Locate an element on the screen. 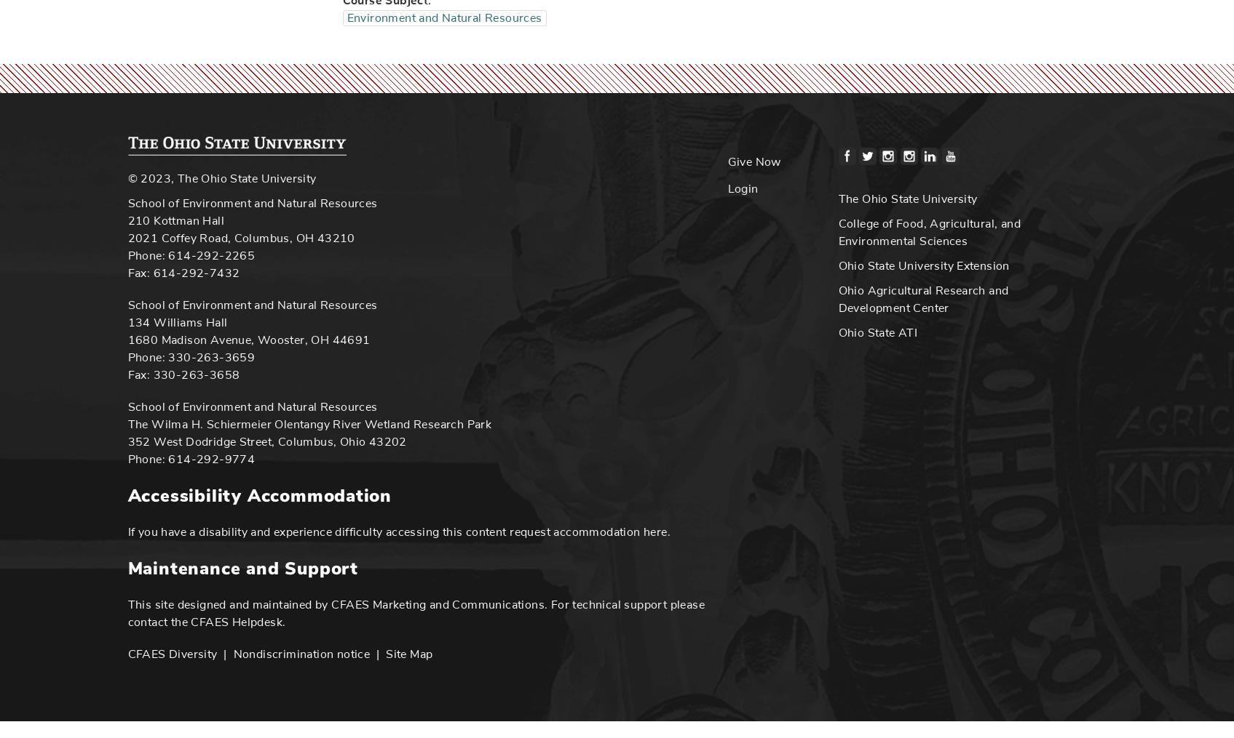 This screenshot has height=738, width=1234. 'Give Now' is located at coordinates (753, 161).